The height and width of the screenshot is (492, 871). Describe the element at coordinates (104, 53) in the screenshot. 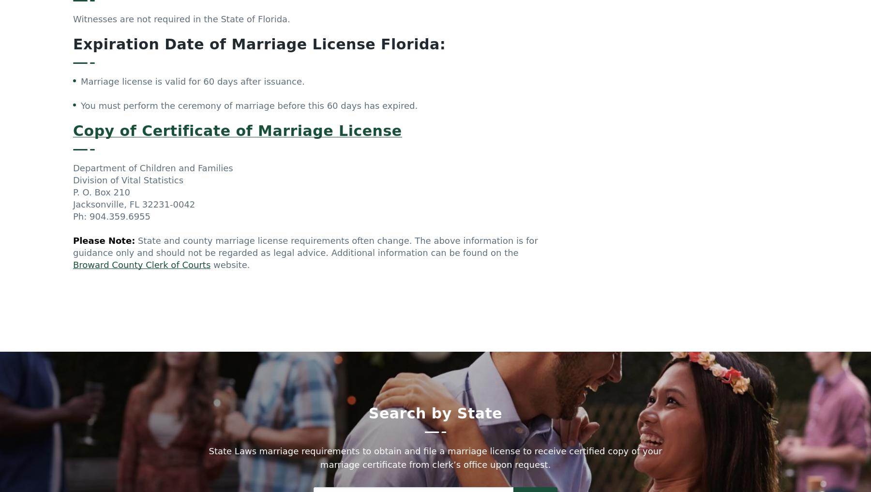

I see `'Please Note:'` at that location.